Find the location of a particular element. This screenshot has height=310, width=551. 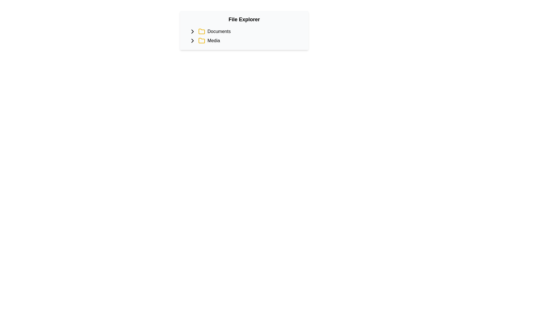

the second folder icon, which is a yellow vector graphic resembling a folder, located in the 'File Explorer' interface under the 'Documents' folder and next to the 'Media' label is located at coordinates (201, 40).